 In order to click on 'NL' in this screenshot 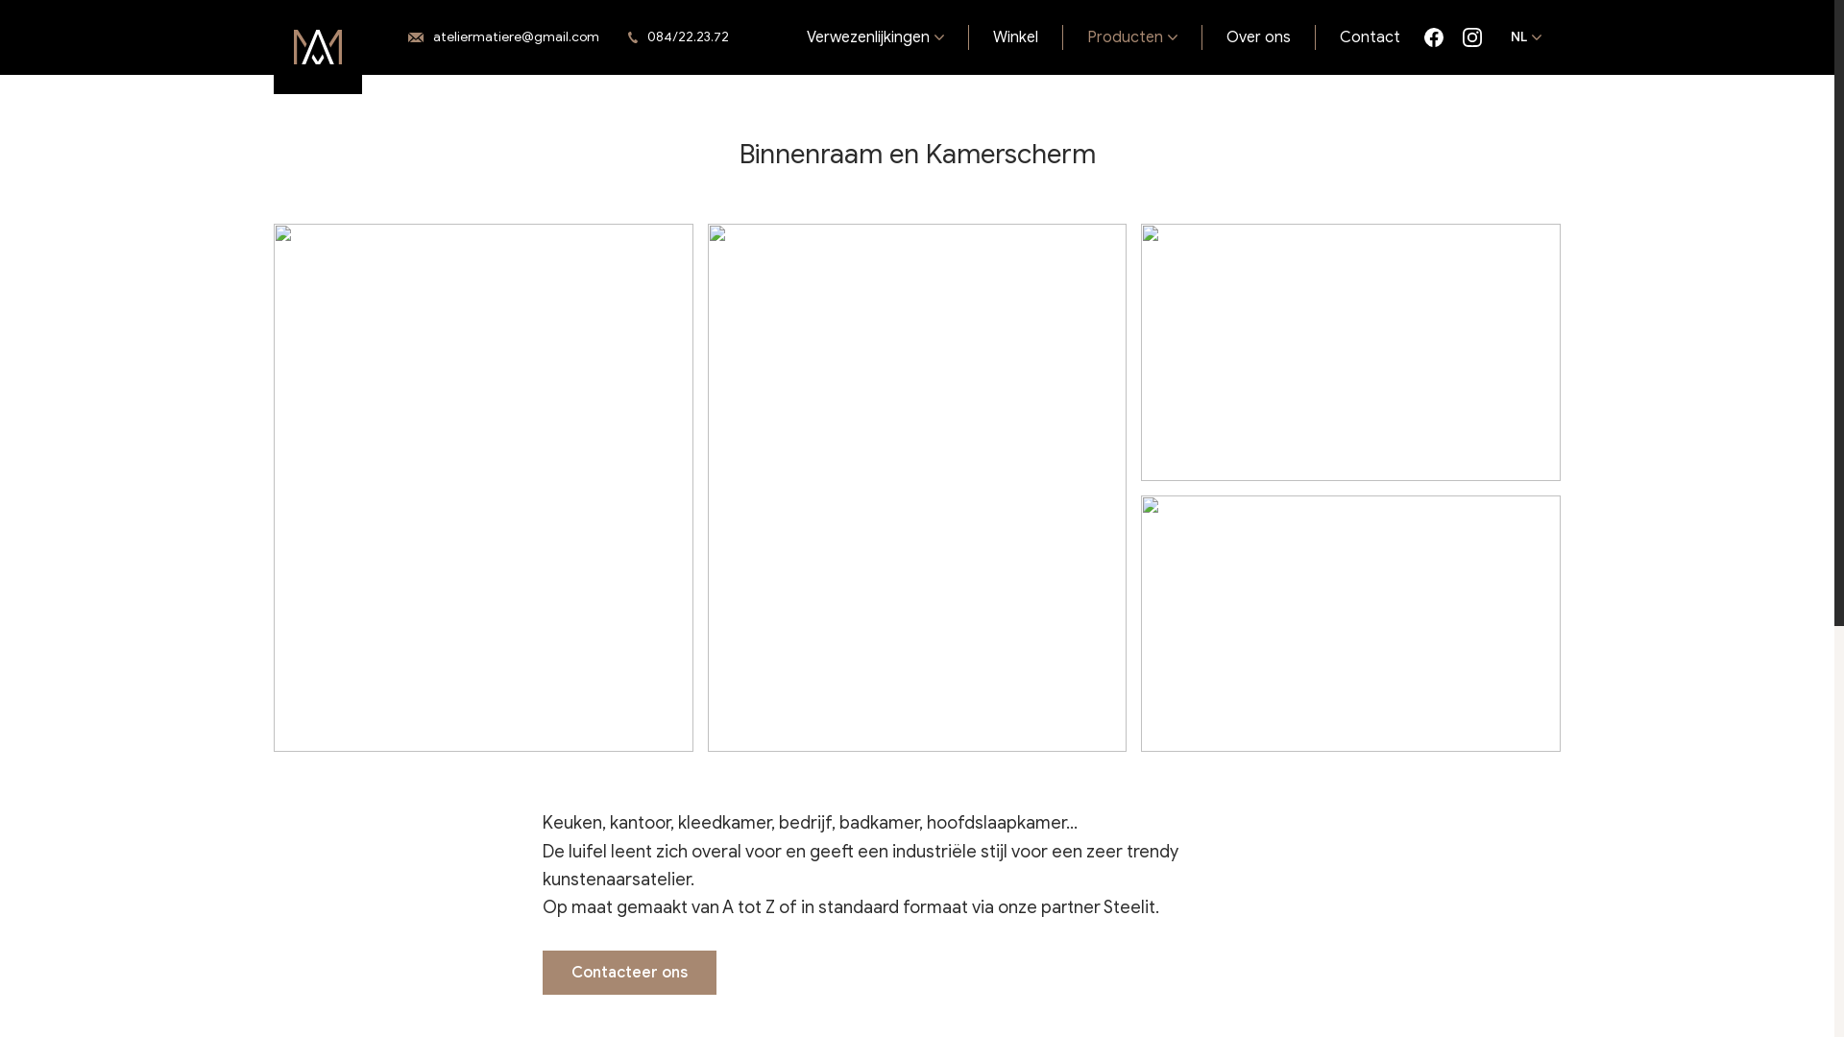, I will do `click(1524, 36)`.